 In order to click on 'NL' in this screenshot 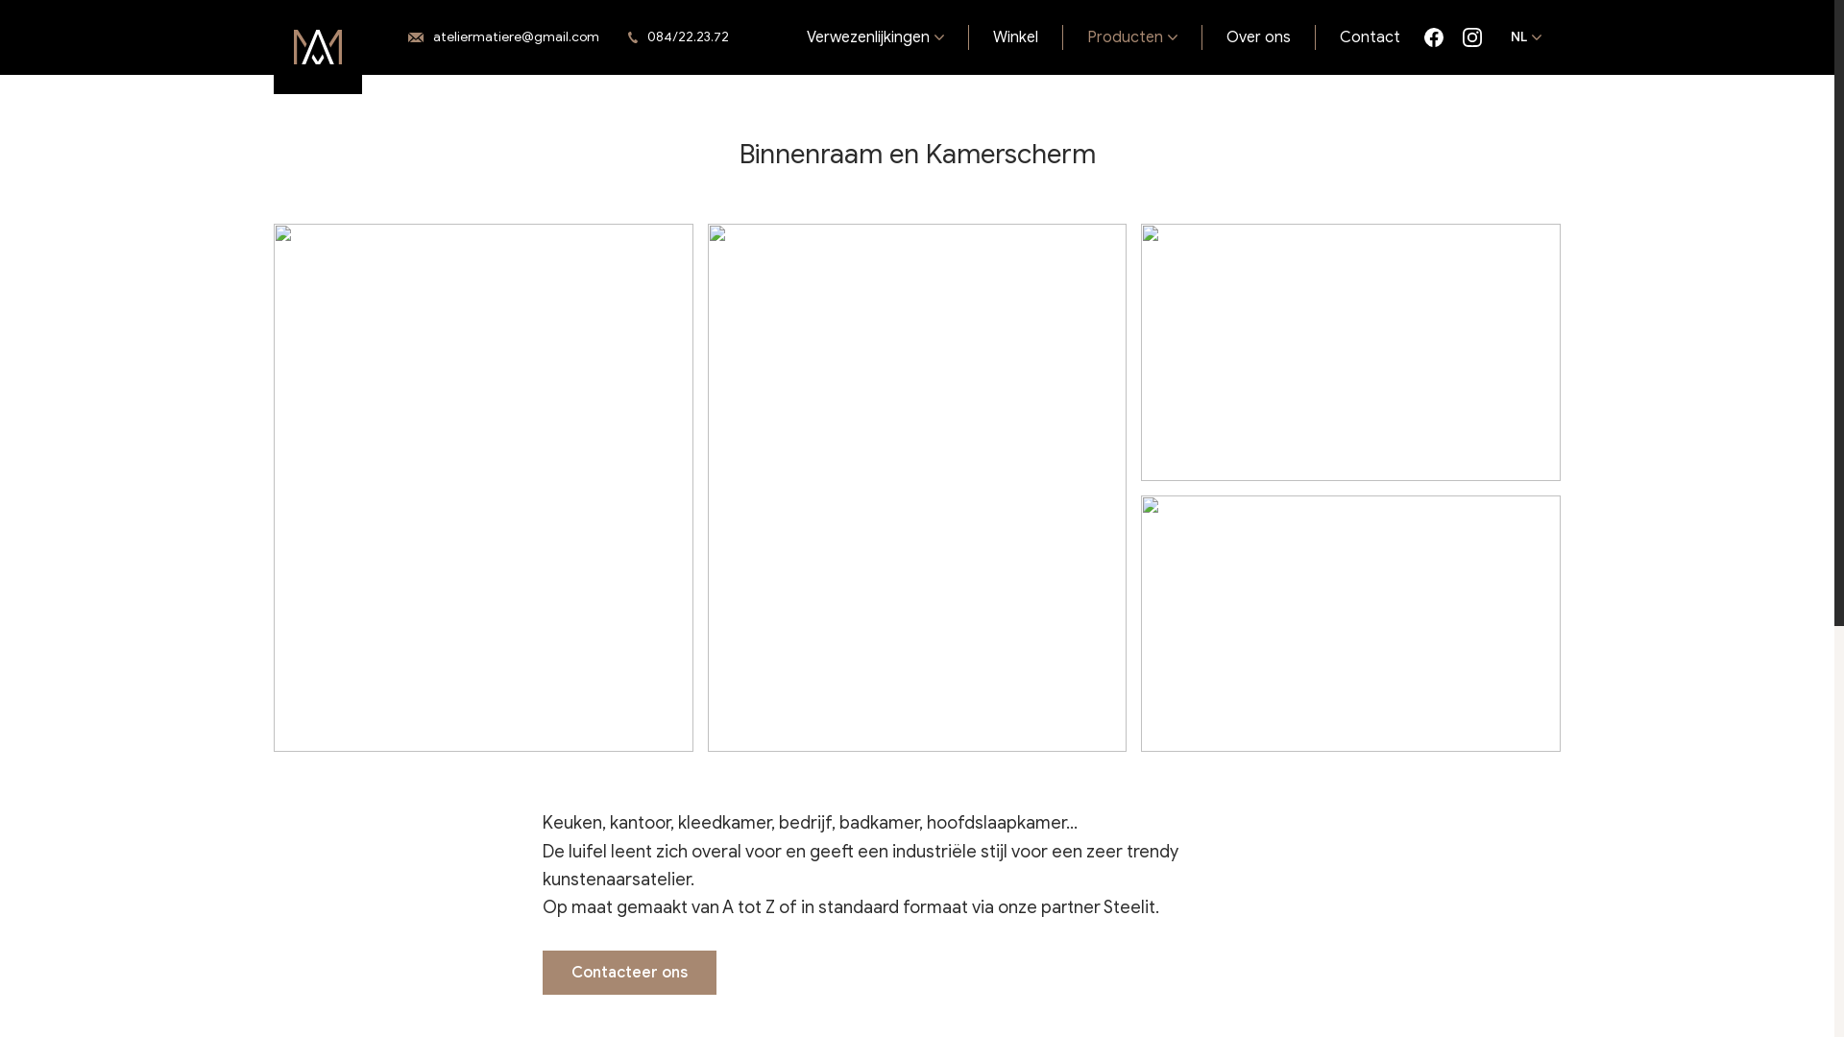, I will do `click(1524, 36)`.